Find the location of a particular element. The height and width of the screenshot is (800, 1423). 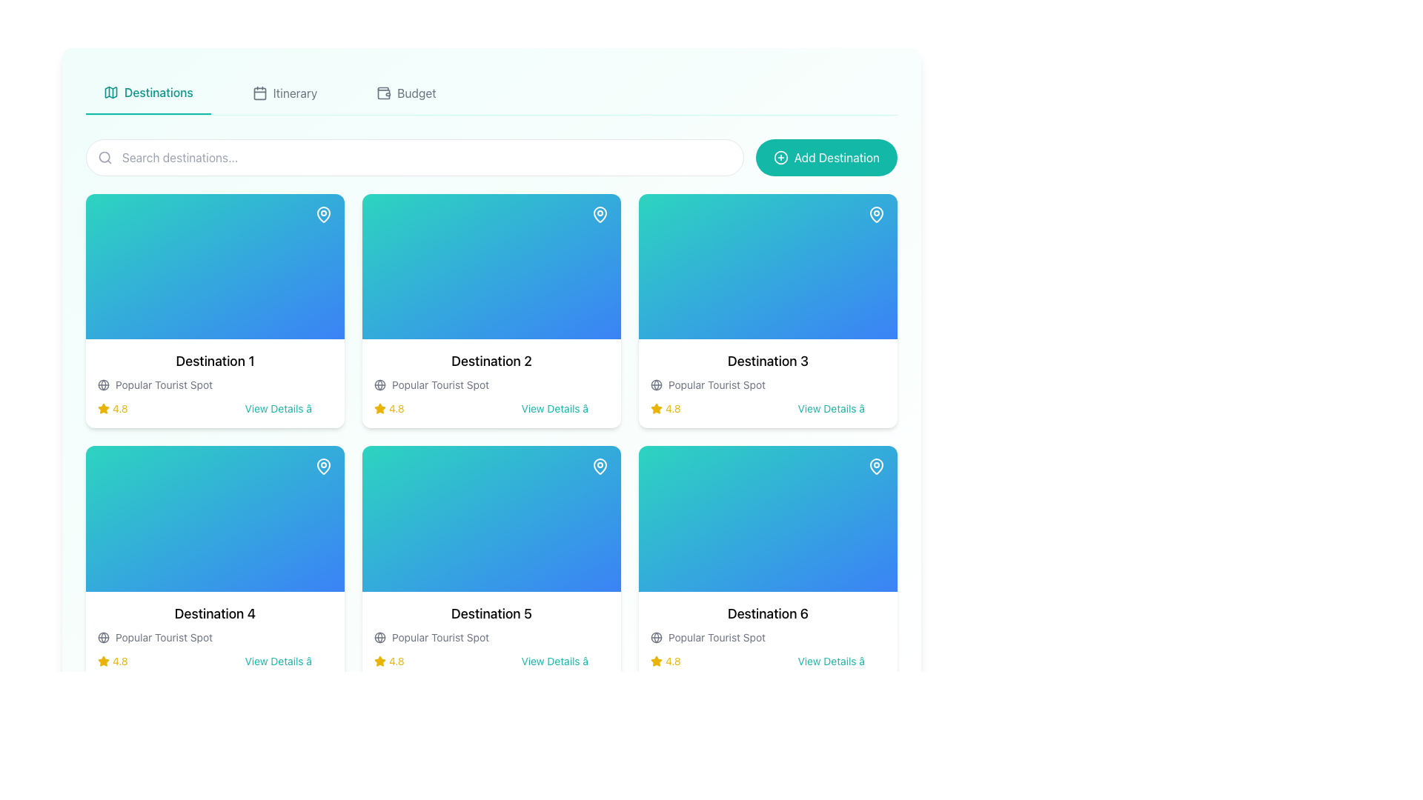

the Itinerary icon in the navigation menu, which is positioned between the 'Destinations' label and the 'Budget' label, providing a visual cue for the section's purpose is located at coordinates (259, 93).